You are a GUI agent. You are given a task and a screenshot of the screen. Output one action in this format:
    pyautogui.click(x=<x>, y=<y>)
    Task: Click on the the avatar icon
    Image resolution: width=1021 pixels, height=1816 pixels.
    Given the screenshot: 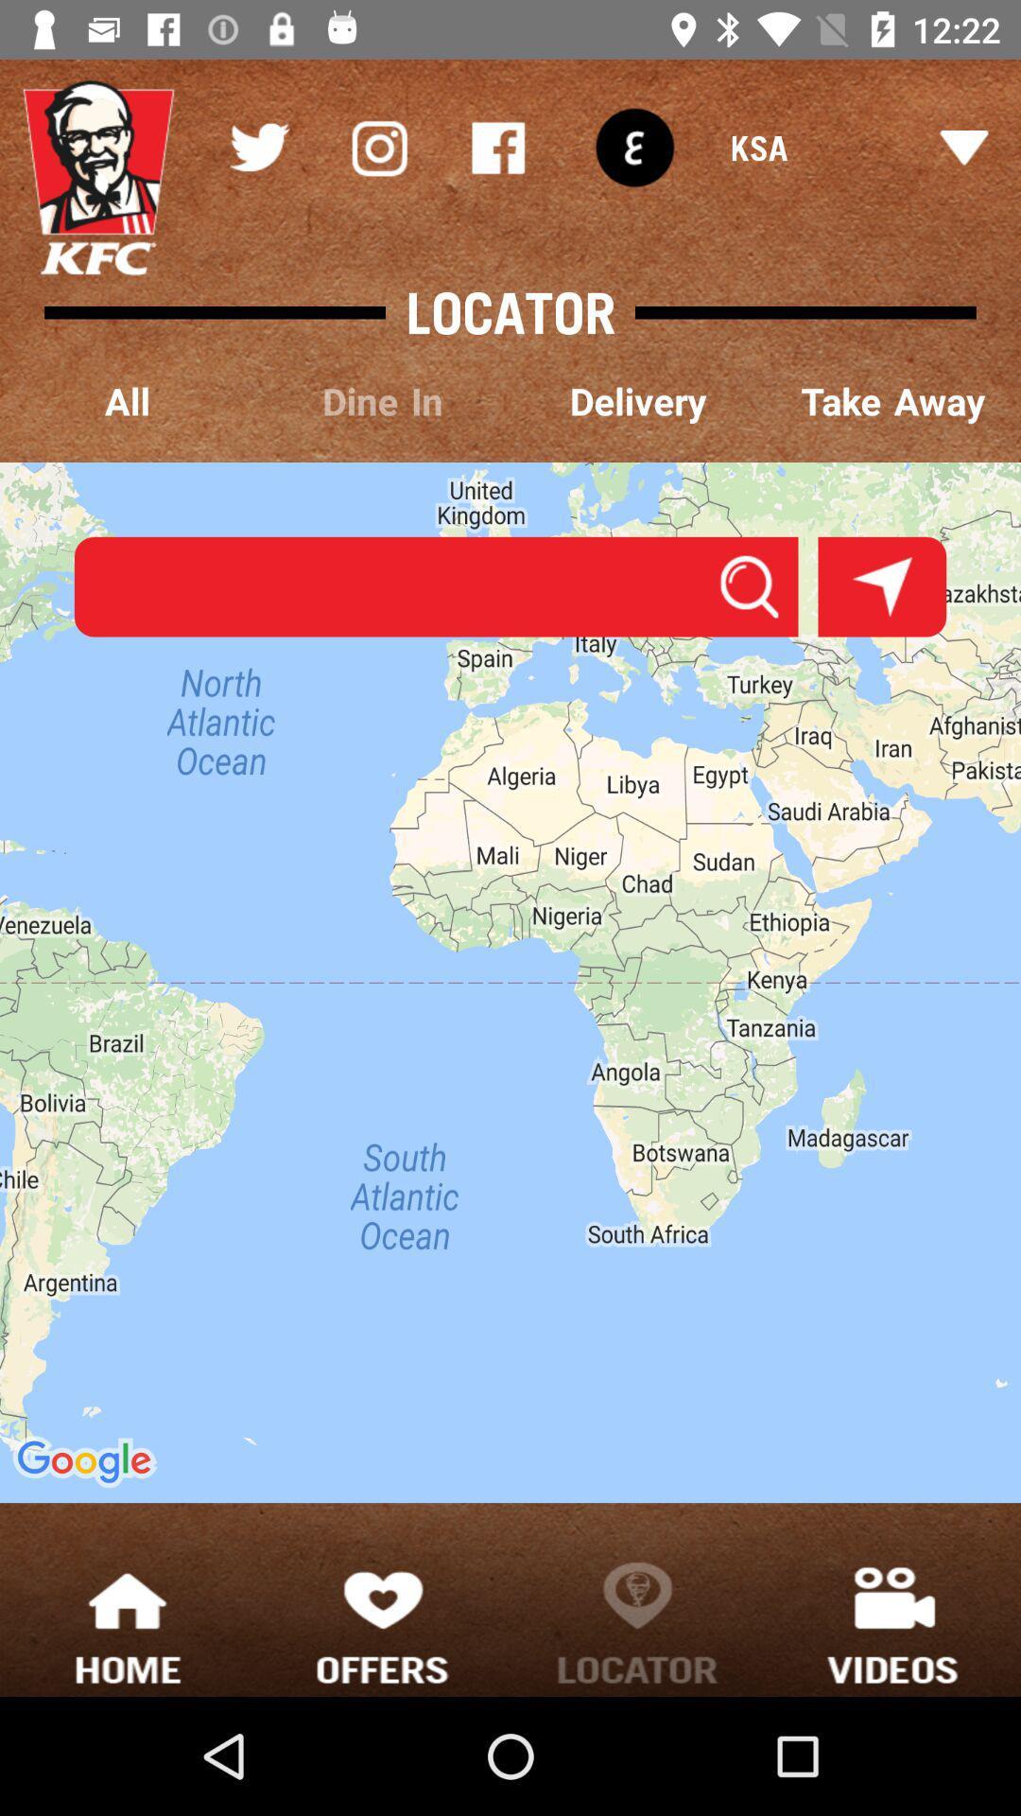 What is the action you would take?
    pyautogui.click(x=98, y=178)
    